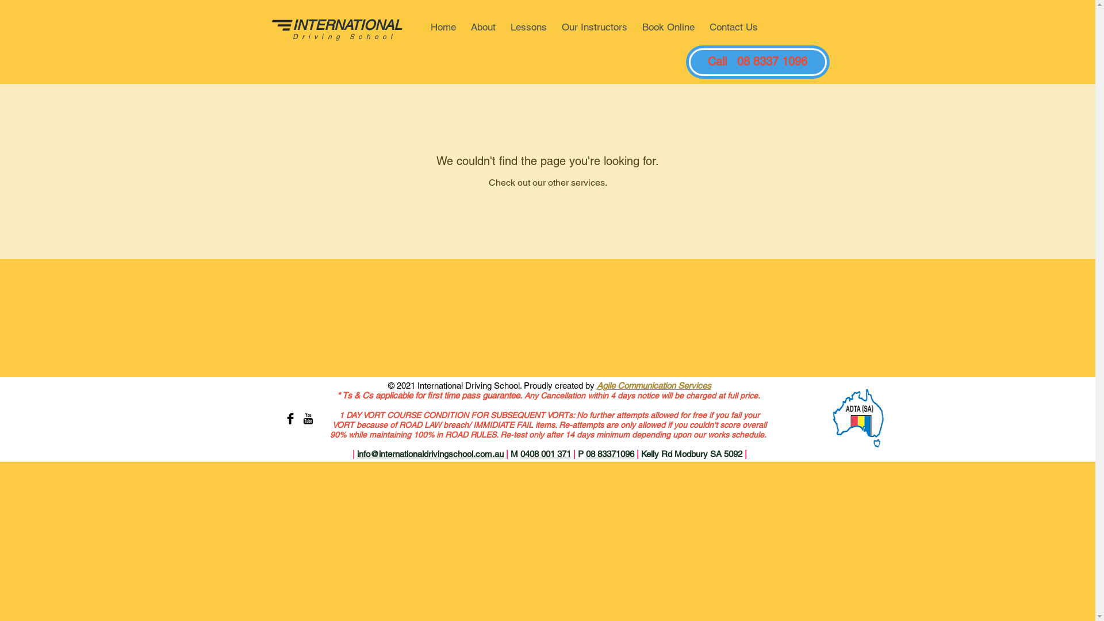 This screenshot has width=1104, height=621. I want to click on 'Driving School', so click(343, 36).